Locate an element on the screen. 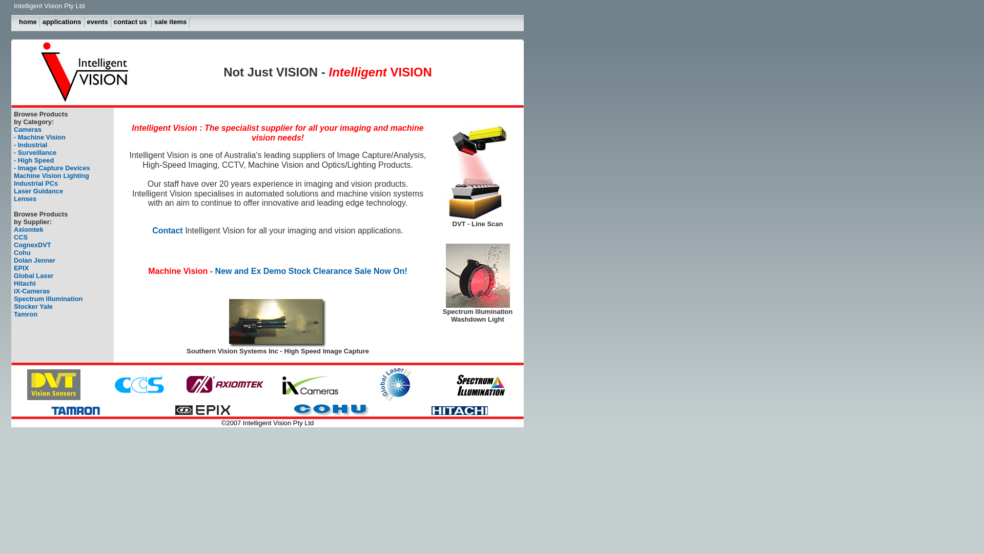 This screenshot has width=984, height=554. 'Axiomtek' is located at coordinates (29, 229).